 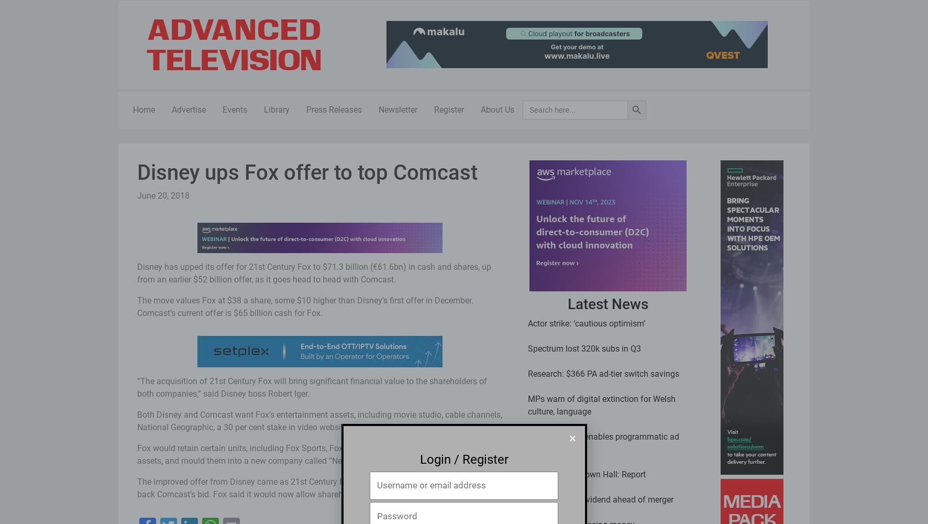 I want to click on 'Disney ups Fox offer to top Comcast', so click(x=137, y=172).